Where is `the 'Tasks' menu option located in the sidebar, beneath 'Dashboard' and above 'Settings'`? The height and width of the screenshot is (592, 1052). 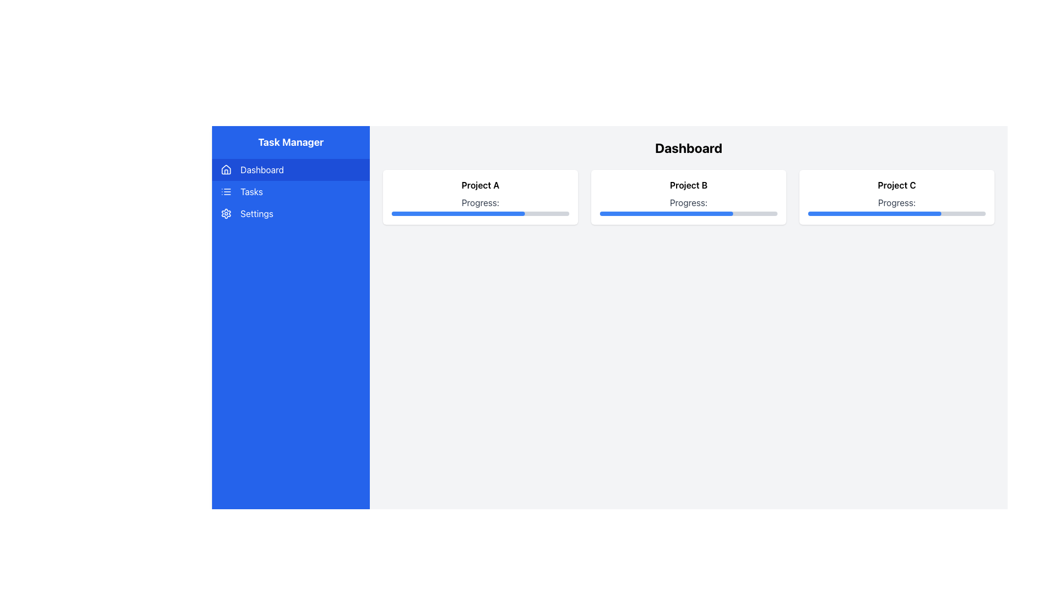
the 'Tasks' menu option located in the sidebar, beneath 'Dashboard' and above 'Settings' is located at coordinates (251, 191).